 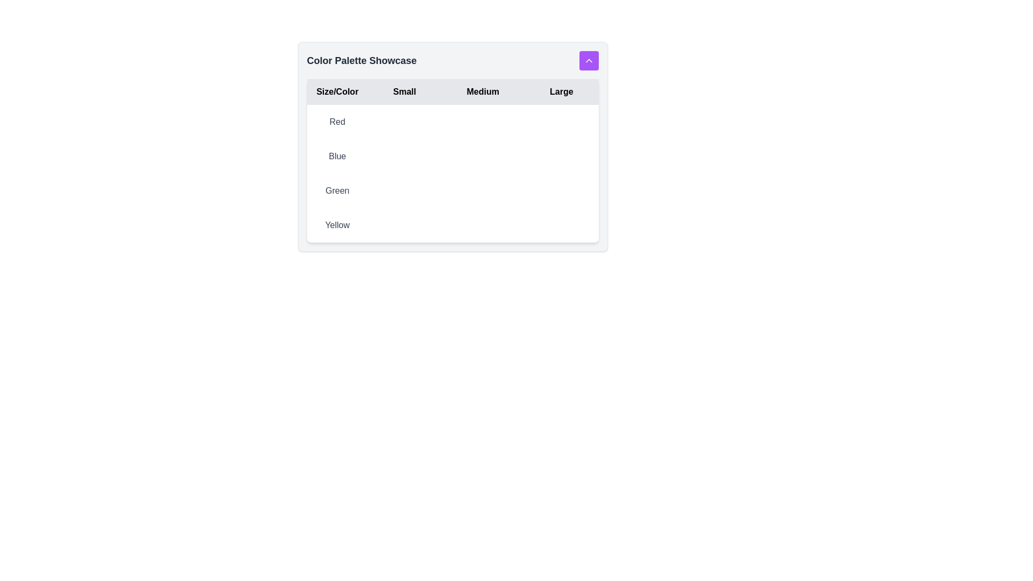 What do you see at coordinates (337, 122) in the screenshot?
I see `the static text label displaying the word 'Red' in the 'Size/Color' column of the 'Color Palette Showcase' grid layout` at bounding box center [337, 122].